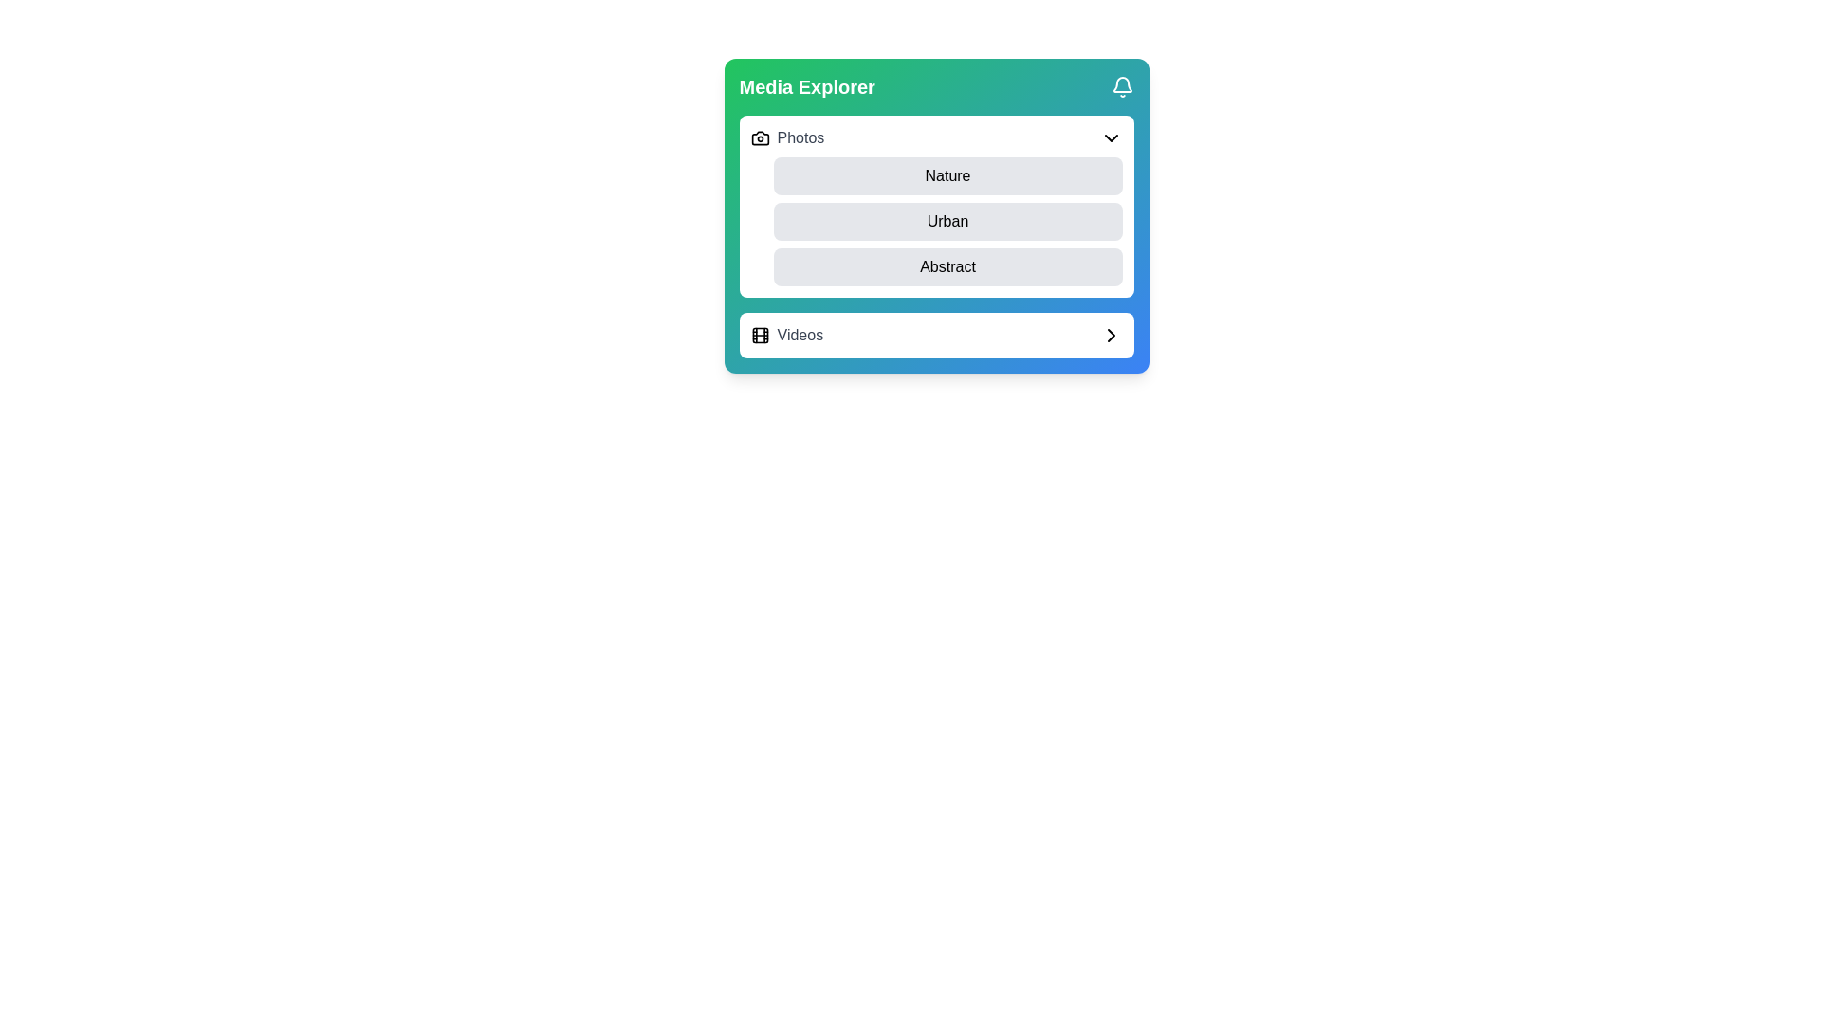  Describe the element at coordinates (760, 335) in the screenshot. I see `the SVG rectangle element centered within the film strip icon in the 'Videos' section of the lower menu` at that location.